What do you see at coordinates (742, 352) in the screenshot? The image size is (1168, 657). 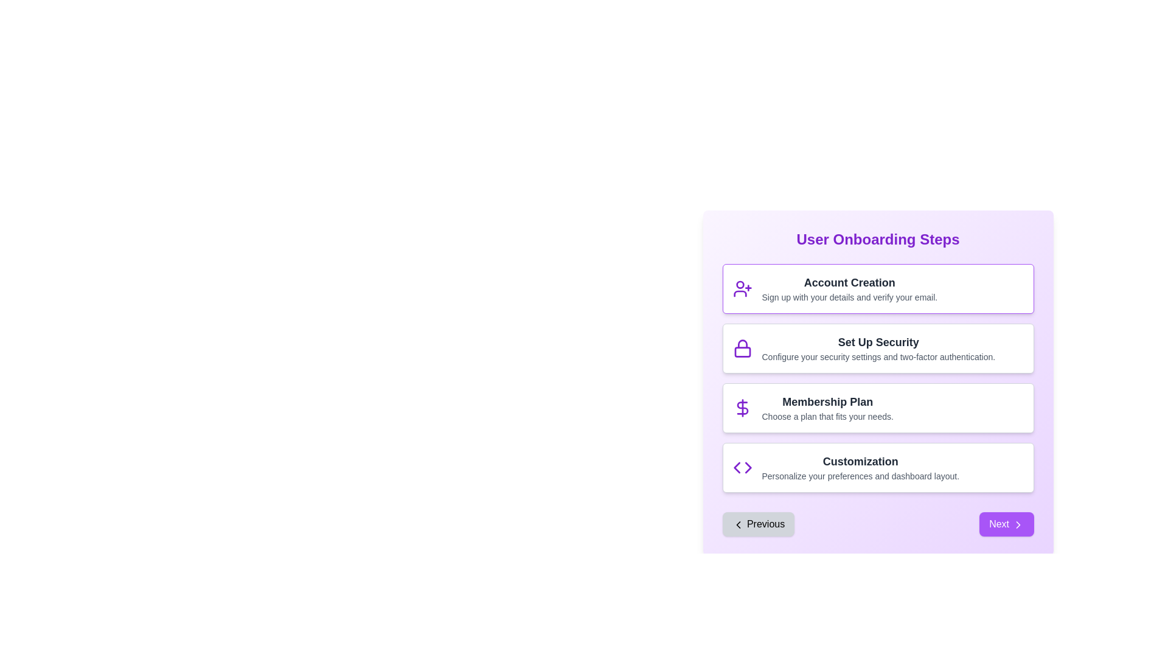 I see `the rectangular element with rounded corners styled in a single color fill, located inside the purple lock icon representing security, which is the second icon from the top in the user onboarding steps` at bounding box center [742, 352].